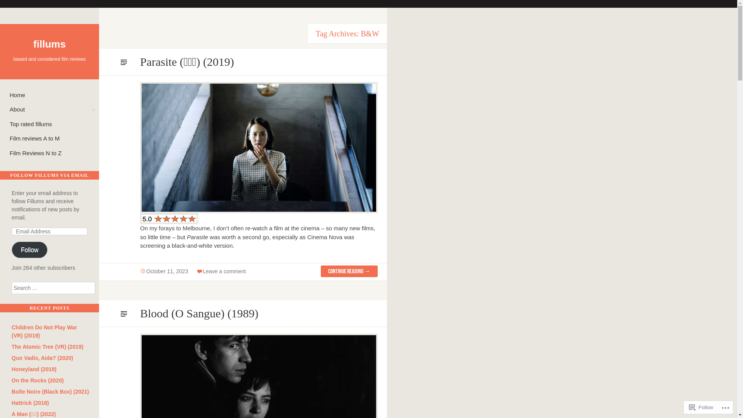 The image size is (743, 418). Describe the element at coordinates (11, 368) in the screenshot. I see `'Honeyland (2019)'` at that location.